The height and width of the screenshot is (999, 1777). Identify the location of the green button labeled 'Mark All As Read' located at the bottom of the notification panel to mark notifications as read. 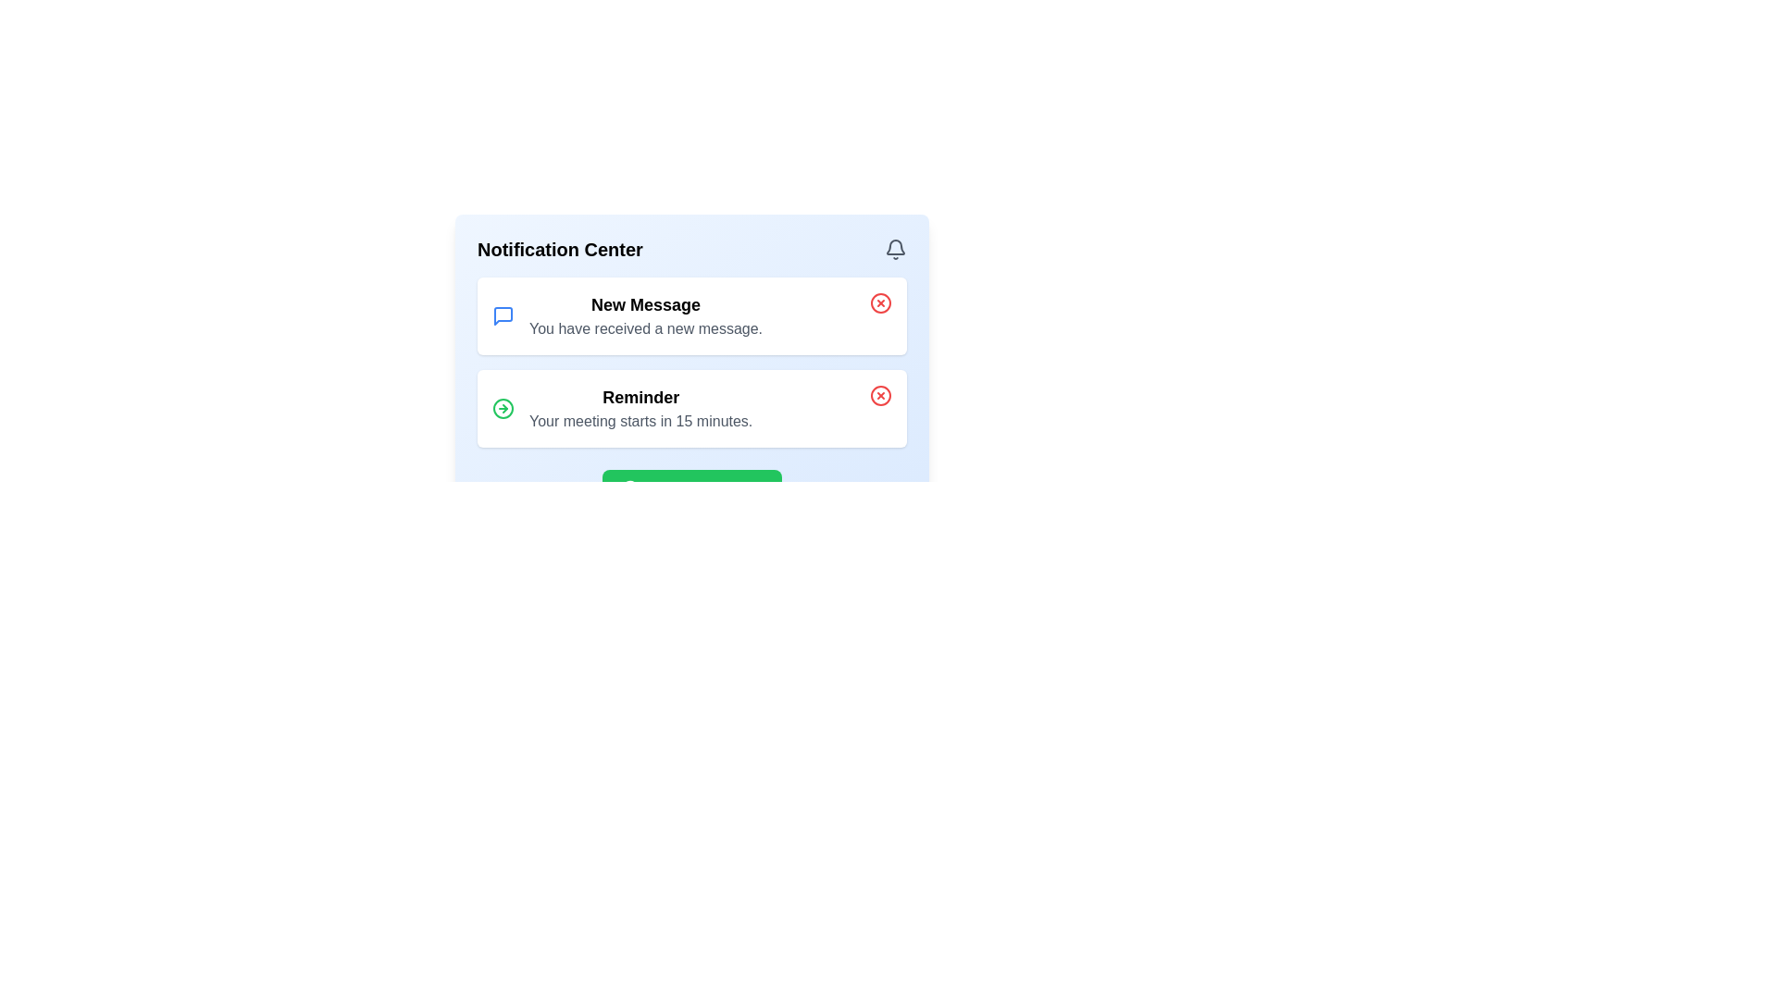
(691, 487).